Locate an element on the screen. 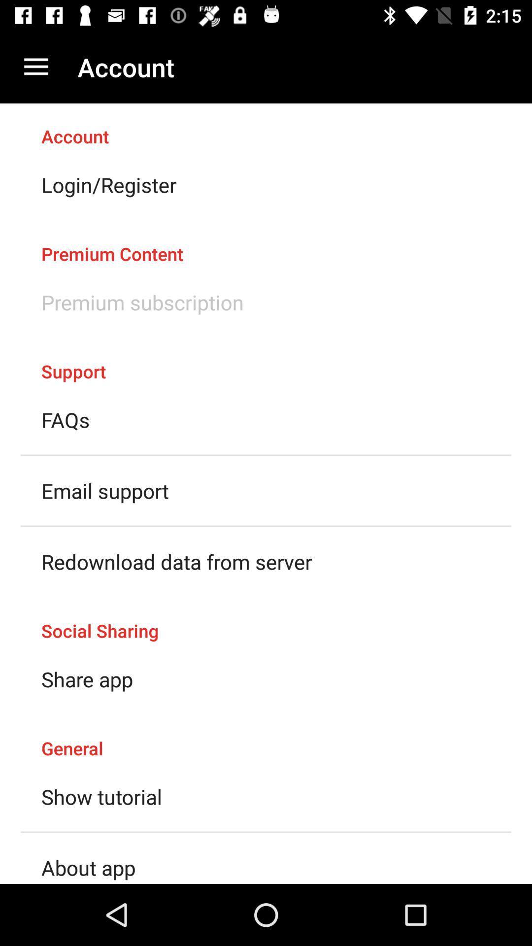  icon above account icon is located at coordinates (35, 67).